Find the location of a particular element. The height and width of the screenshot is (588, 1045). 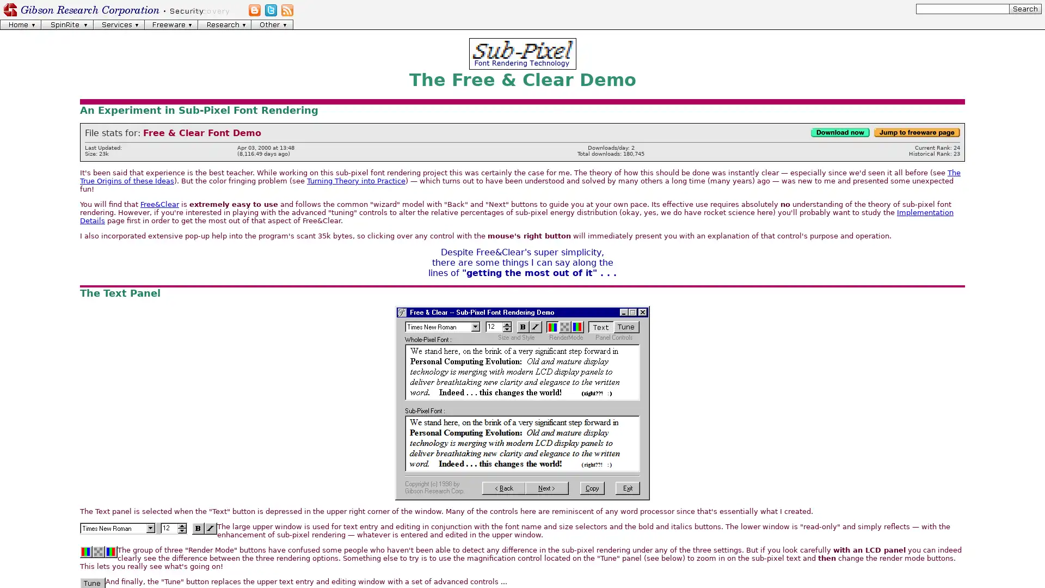

[Search] is located at coordinates (1024, 9).